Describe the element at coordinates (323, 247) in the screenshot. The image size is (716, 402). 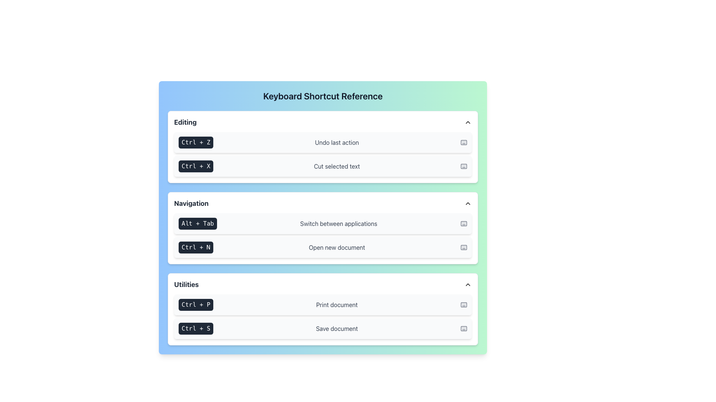
I see `informational entry about the keyboard shortcut 'Ctrl + N' for opening a new document, located in the 'Navigation' section as the second entry` at that location.